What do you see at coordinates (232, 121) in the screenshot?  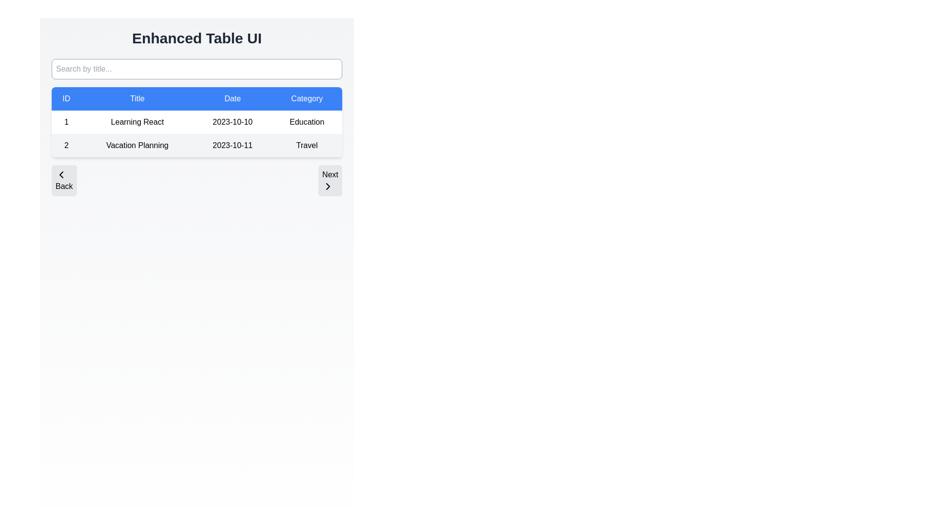 I see `the text label displaying '2023-10-10'` at bounding box center [232, 121].